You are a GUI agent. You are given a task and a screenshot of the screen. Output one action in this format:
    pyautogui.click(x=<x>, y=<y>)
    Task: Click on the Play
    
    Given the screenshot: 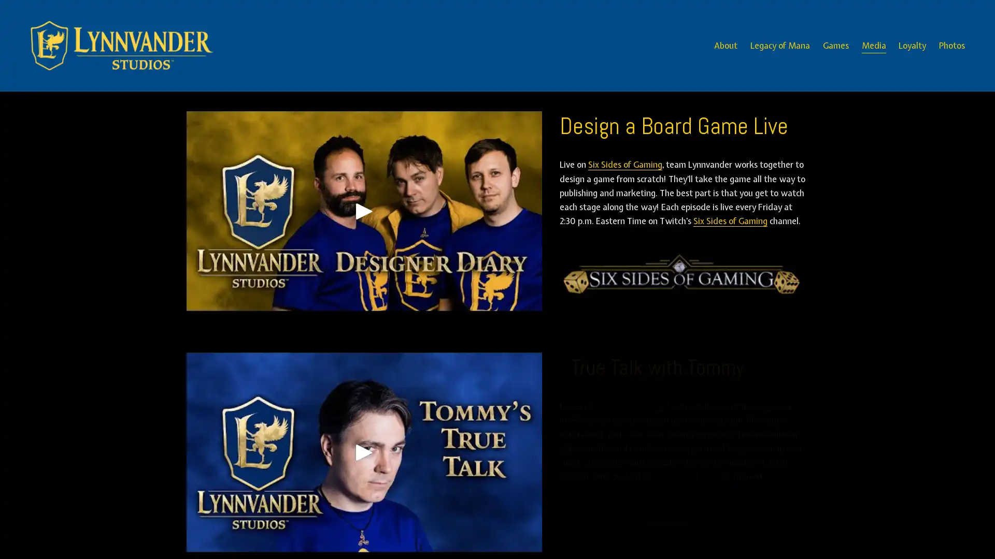 What is the action you would take?
    pyautogui.click(x=363, y=452)
    